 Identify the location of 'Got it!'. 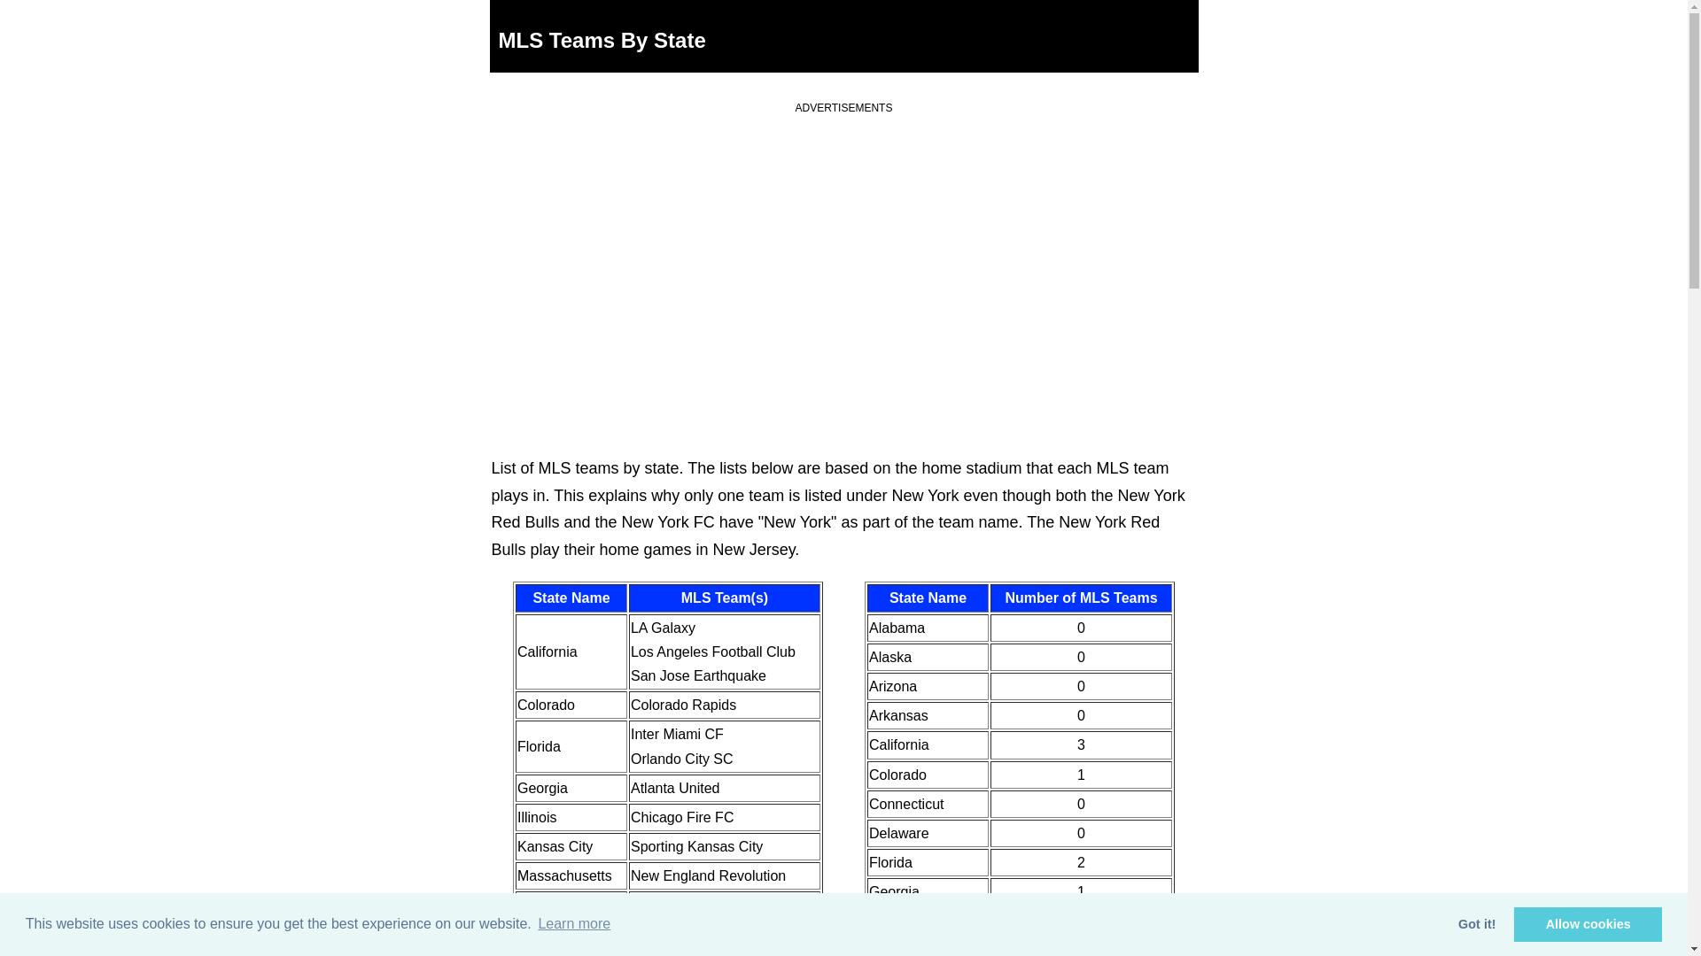
(1477, 923).